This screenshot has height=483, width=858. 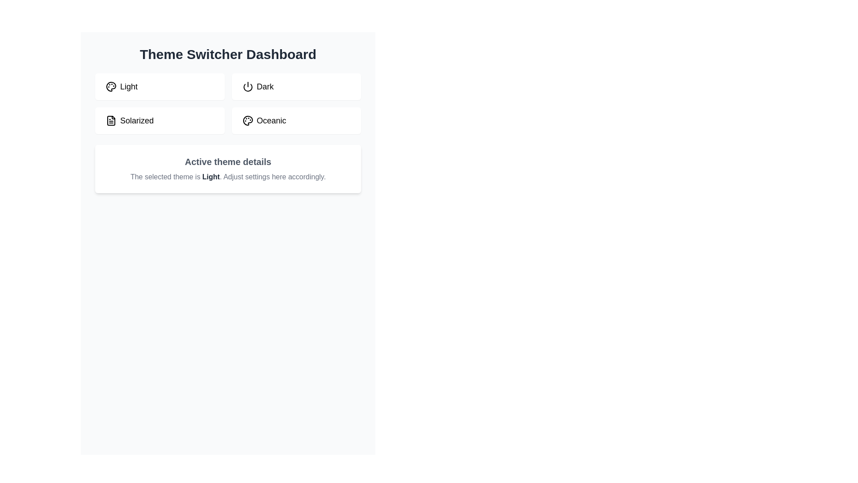 I want to click on the 'Solarized' theme button, located in the second column and first row of the themes grid, so click(x=111, y=121).